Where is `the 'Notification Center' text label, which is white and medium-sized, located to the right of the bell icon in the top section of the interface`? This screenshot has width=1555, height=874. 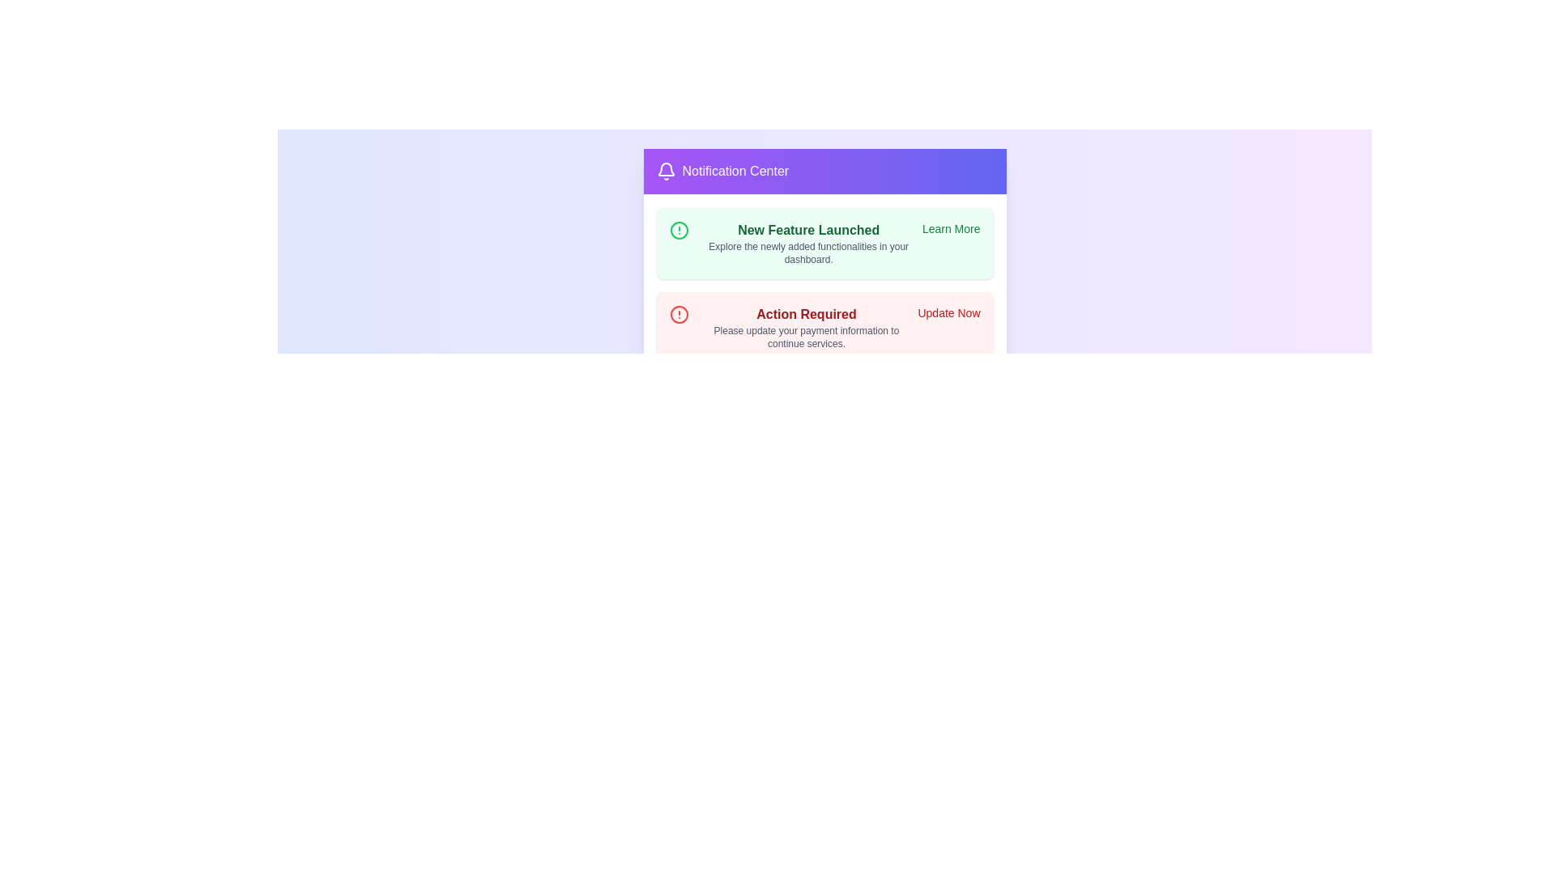
the 'Notification Center' text label, which is white and medium-sized, located to the right of the bell icon in the top section of the interface is located at coordinates (735, 172).